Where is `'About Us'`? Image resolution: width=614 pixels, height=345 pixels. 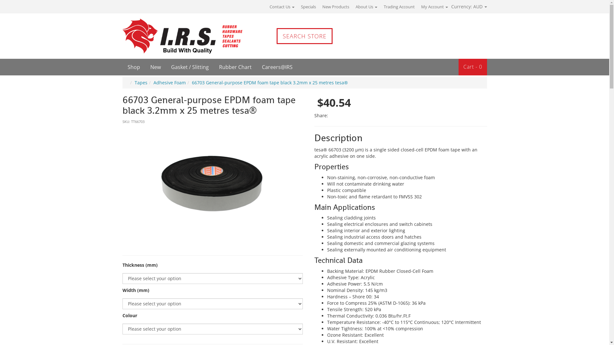 'About Us' is located at coordinates (366, 6).